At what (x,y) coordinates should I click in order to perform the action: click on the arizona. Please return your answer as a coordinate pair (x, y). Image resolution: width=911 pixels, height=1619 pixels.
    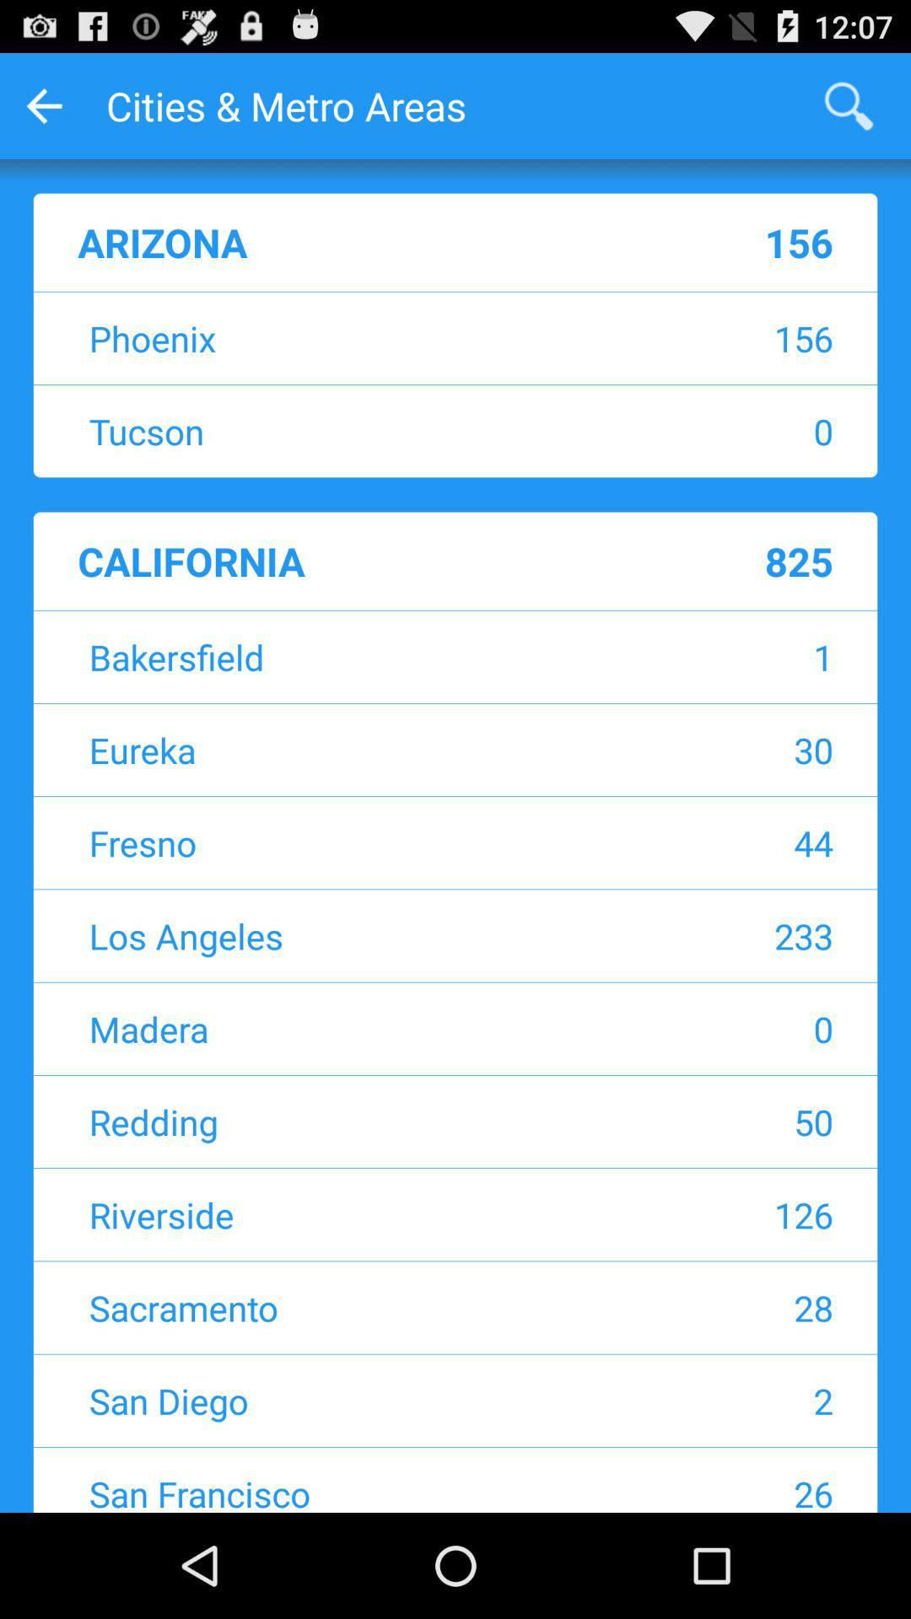
    Looking at the image, I should click on (343, 241).